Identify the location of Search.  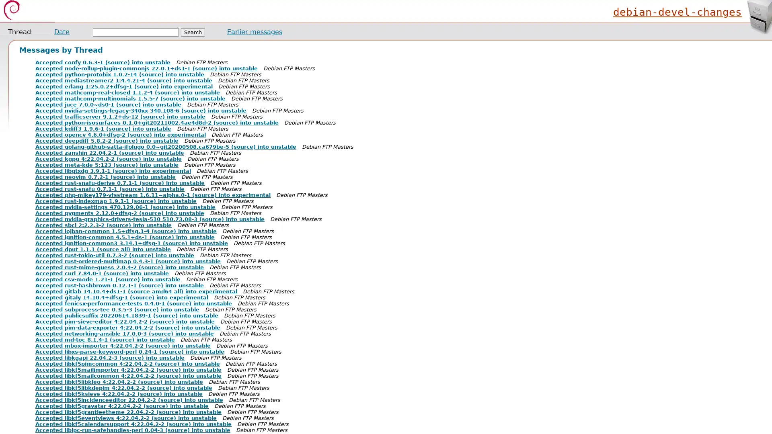
(193, 32).